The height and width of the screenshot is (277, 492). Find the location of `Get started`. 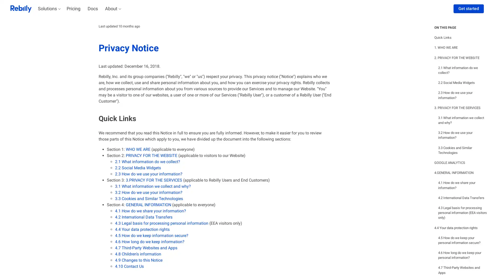

Get started is located at coordinates (468, 9).